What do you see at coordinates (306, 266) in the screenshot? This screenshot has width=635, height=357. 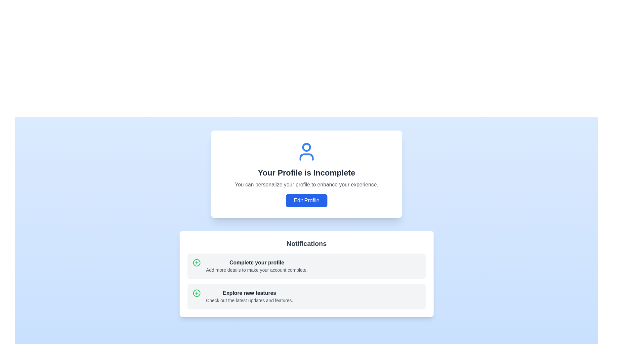 I see `the Informational Banner located in the Notifications section, which is the upper of two notifications above the 'Explore new features' notification` at bounding box center [306, 266].